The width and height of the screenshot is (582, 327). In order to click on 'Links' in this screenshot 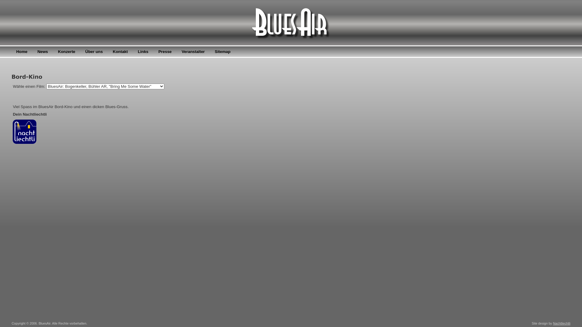, I will do `click(143, 51)`.